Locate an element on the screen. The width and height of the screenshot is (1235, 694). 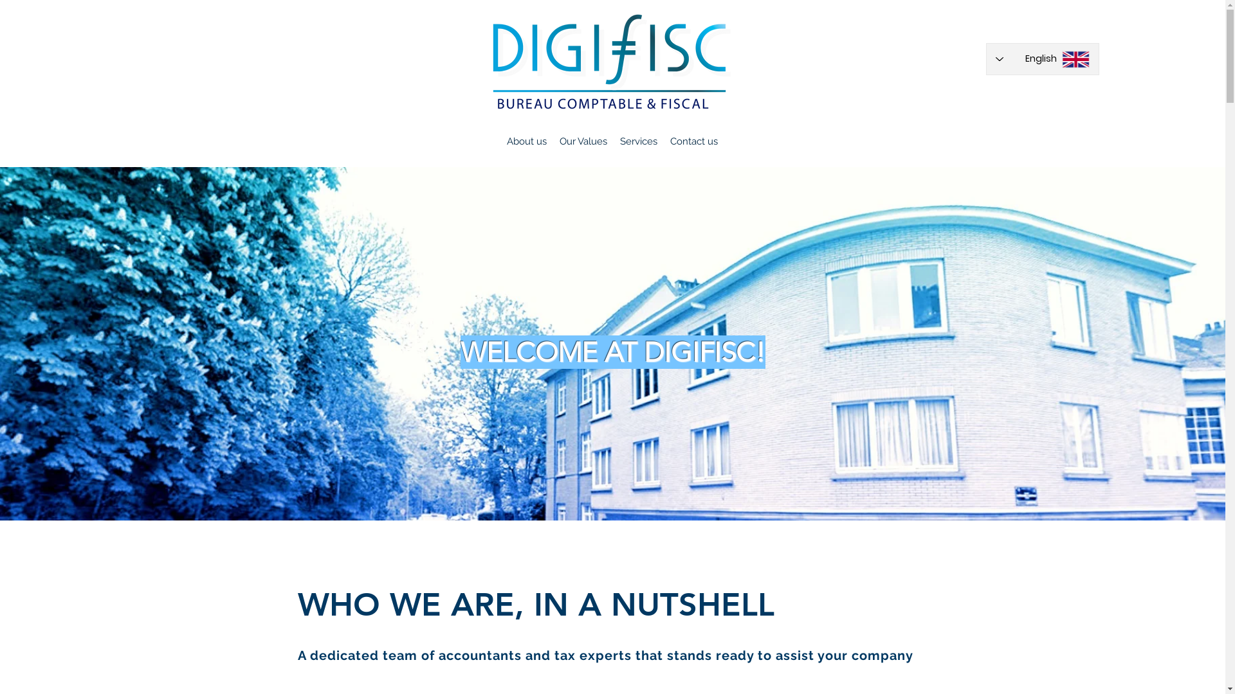
'Contact us' is located at coordinates (693, 141).